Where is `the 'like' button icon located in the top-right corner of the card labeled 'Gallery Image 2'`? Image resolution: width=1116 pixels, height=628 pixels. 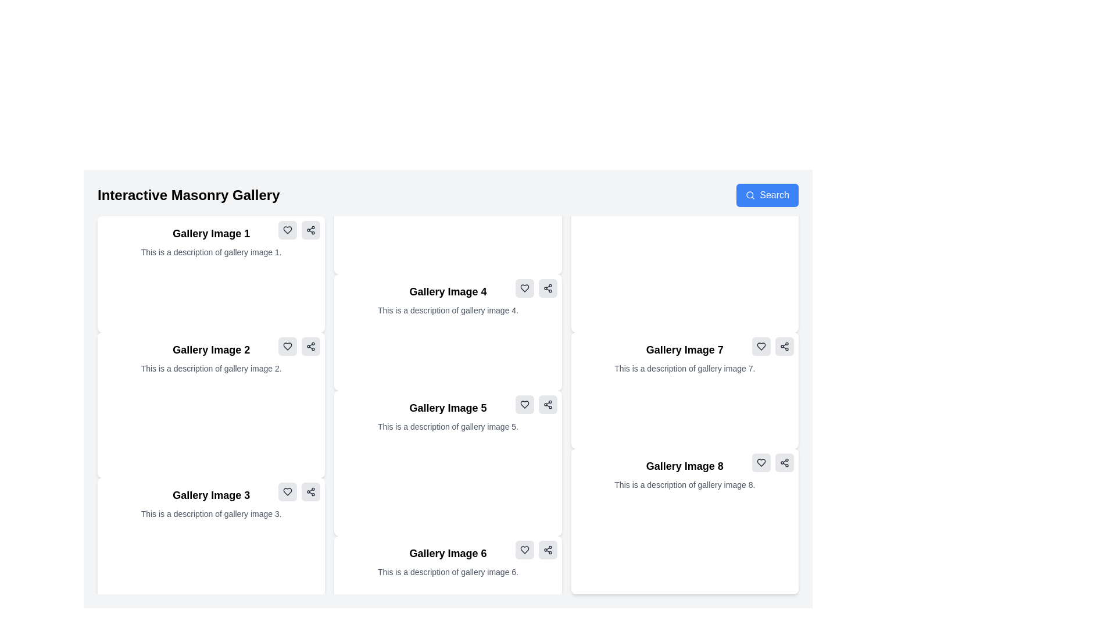
the 'like' button icon located in the top-right corner of the card labeled 'Gallery Image 2' is located at coordinates (288, 346).